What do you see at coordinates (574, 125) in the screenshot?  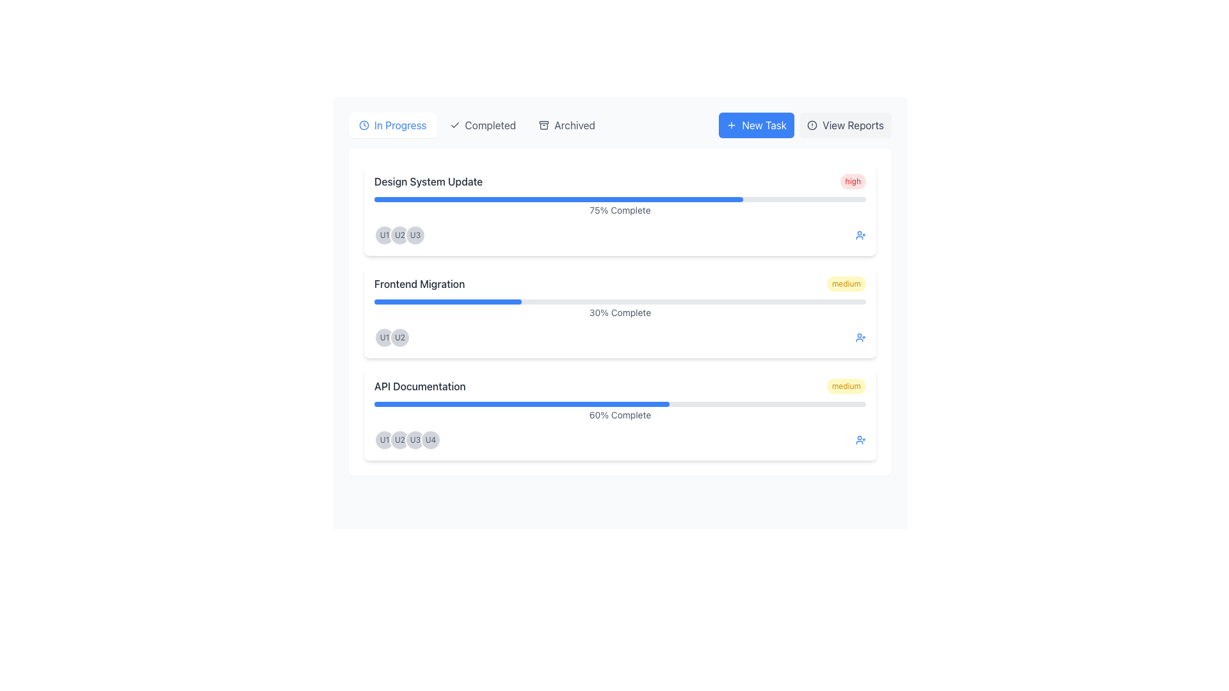 I see `the 'Archived' text label located to the right of the archive-shaped icon in the top middle section of the interface` at bounding box center [574, 125].